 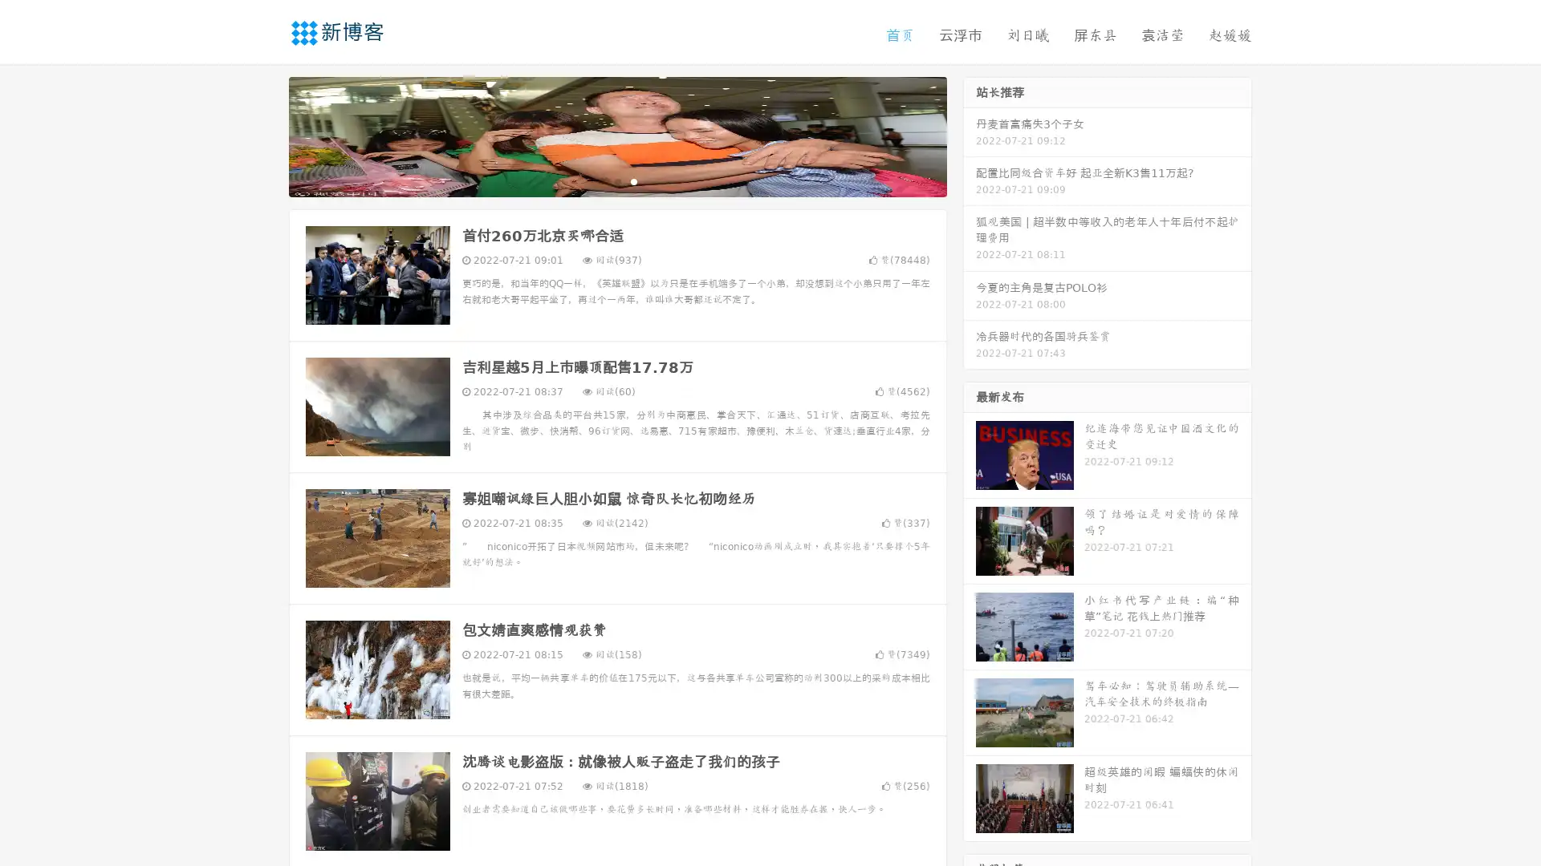 I want to click on Go to slide 3, so click(x=633, y=180).